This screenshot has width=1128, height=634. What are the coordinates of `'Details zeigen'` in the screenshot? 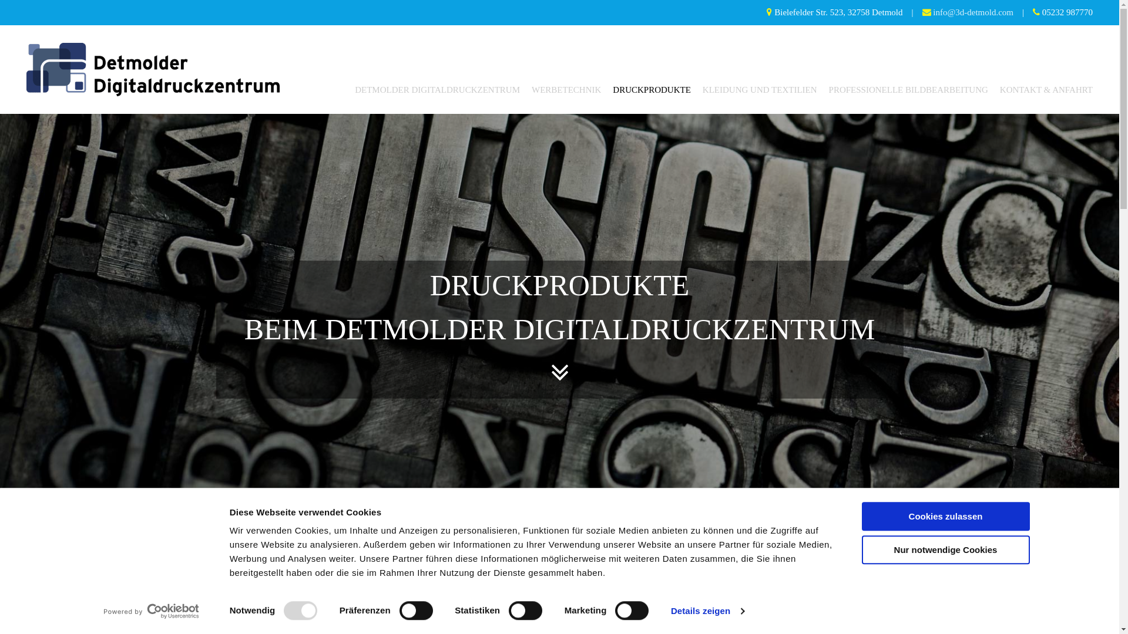 It's located at (671, 611).